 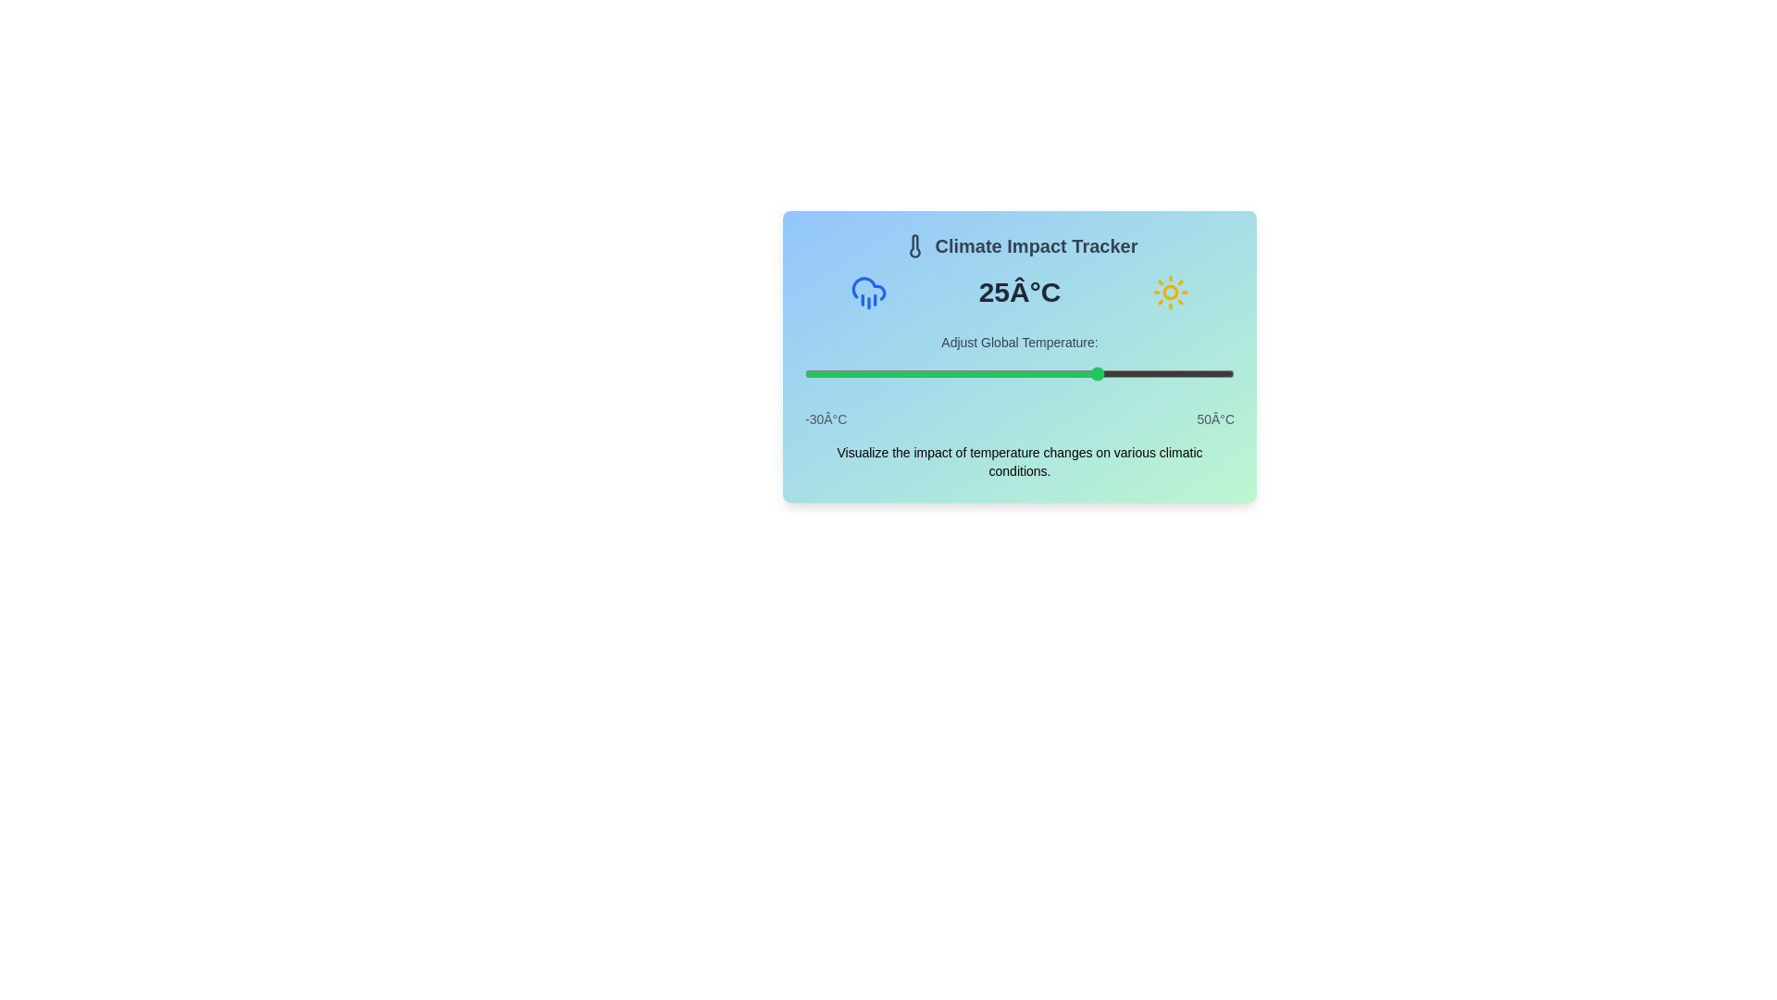 What do you see at coordinates (1100, 374) in the screenshot?
I see `the slider to set the temperature to 25°C` at bounding box center [1100, 374].